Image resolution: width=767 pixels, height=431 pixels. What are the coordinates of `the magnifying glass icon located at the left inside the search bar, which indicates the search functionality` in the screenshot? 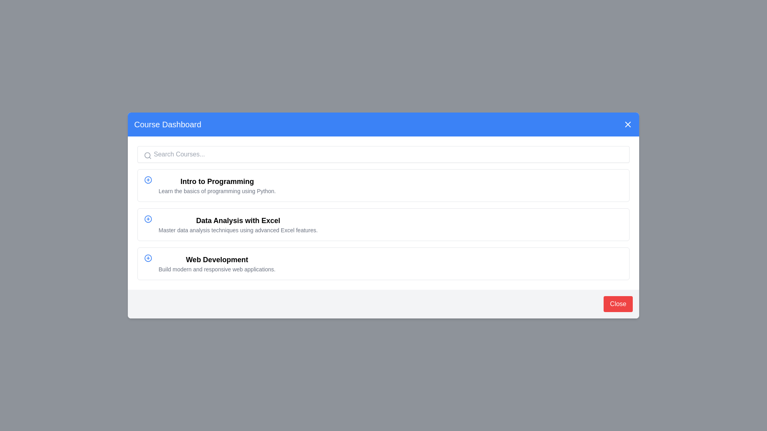 It's located at (147, 155).